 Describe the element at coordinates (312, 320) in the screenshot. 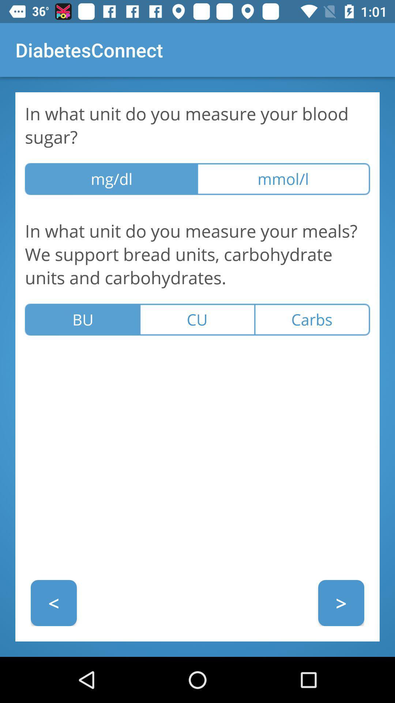

I see `the item to the right of the cu icon` at that location.